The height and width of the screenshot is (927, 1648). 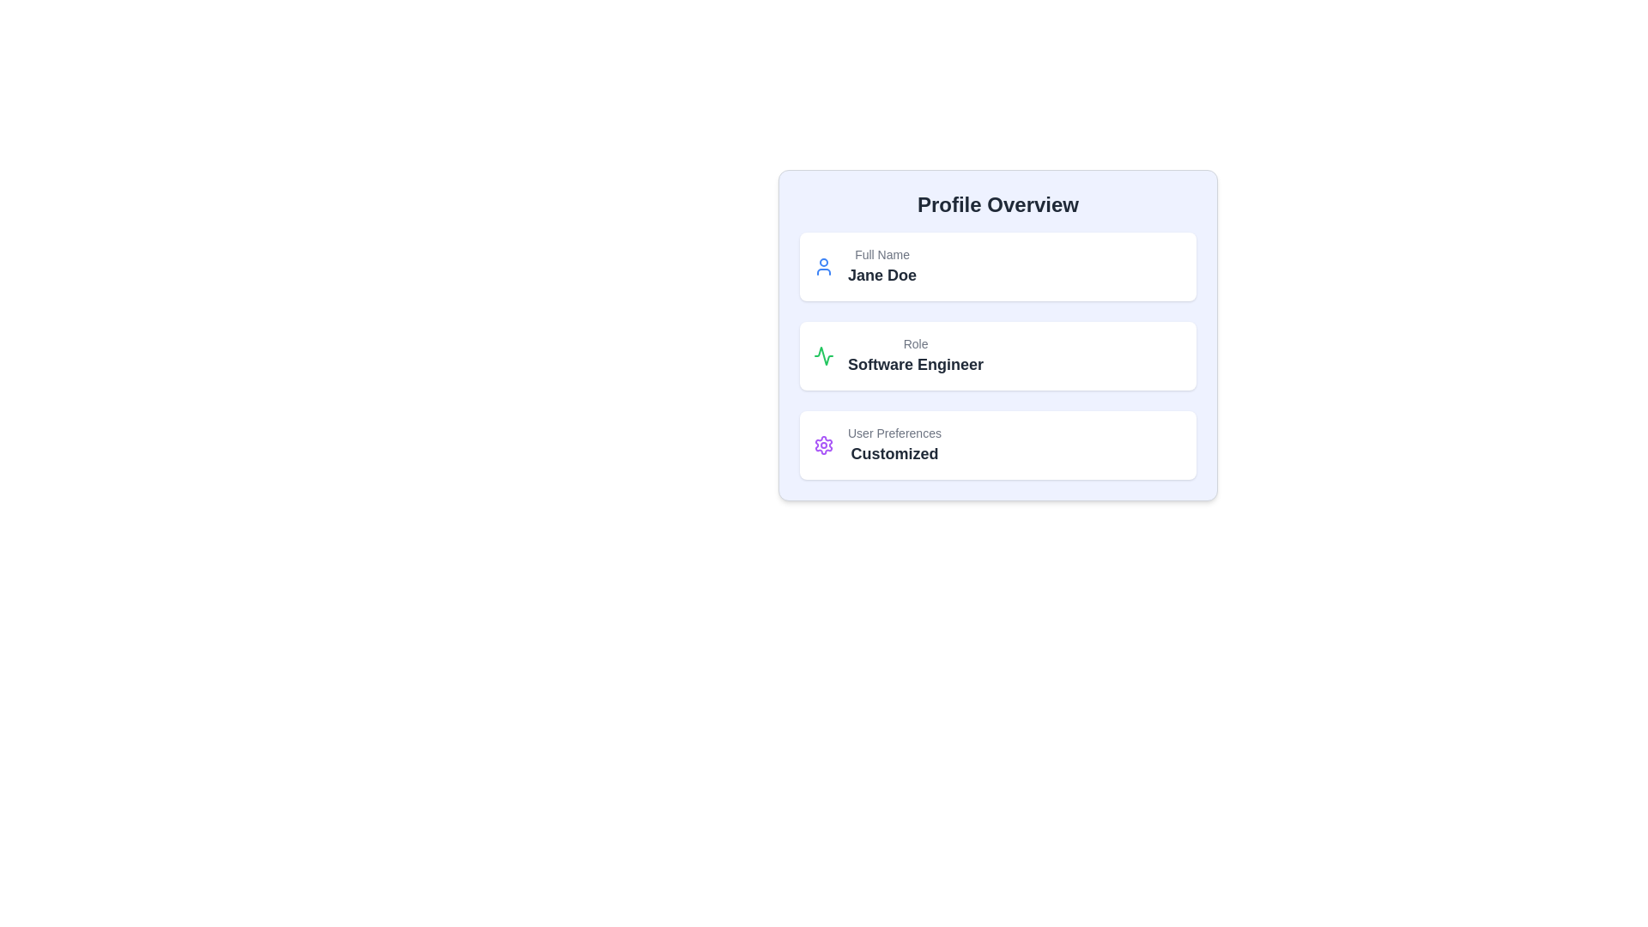 What do you see at coordinates (914, 363) in the screenshot?
I see `the 'Software Engineer' text label located in the 'Role' section of the card, which provides information about the user's job title` at bounding box center [914, 363].